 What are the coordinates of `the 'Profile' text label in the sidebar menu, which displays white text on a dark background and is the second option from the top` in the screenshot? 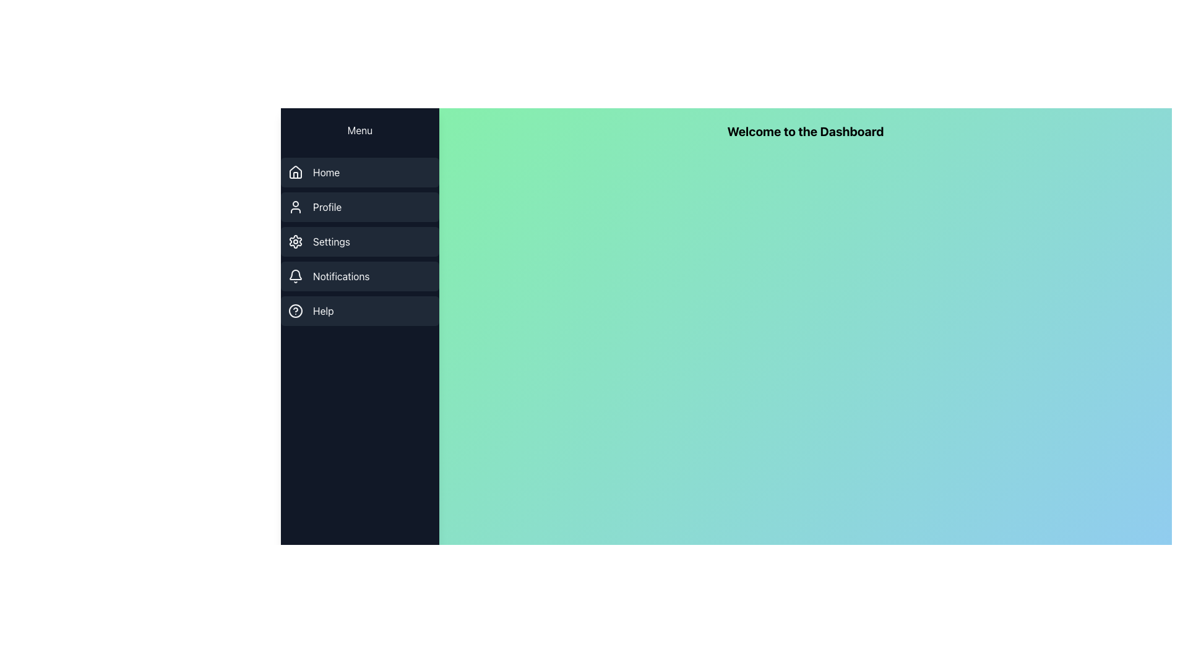 It's located at (327, 207).